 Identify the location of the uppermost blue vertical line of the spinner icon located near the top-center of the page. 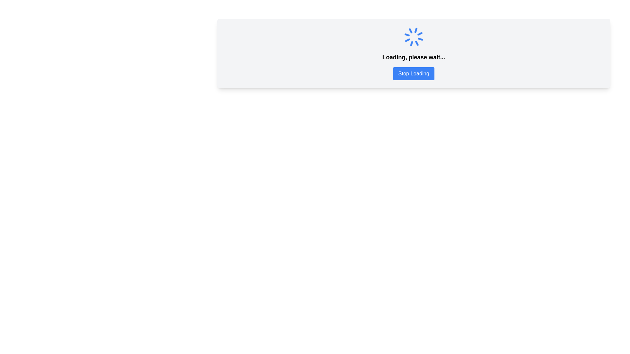
(416, 43).